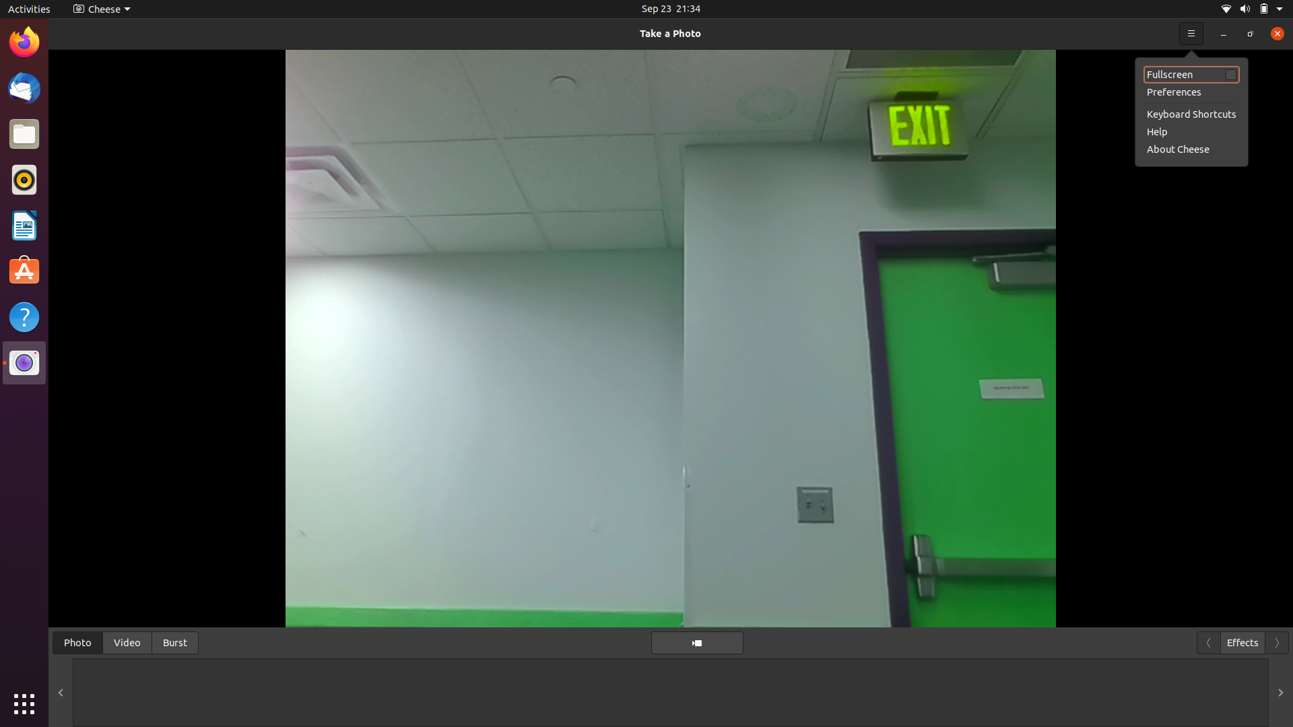 This screenshot has height=727, width=1293. Describe the element at coordinates (1189, 131) in the screenshot. I see `help menu` at that location.